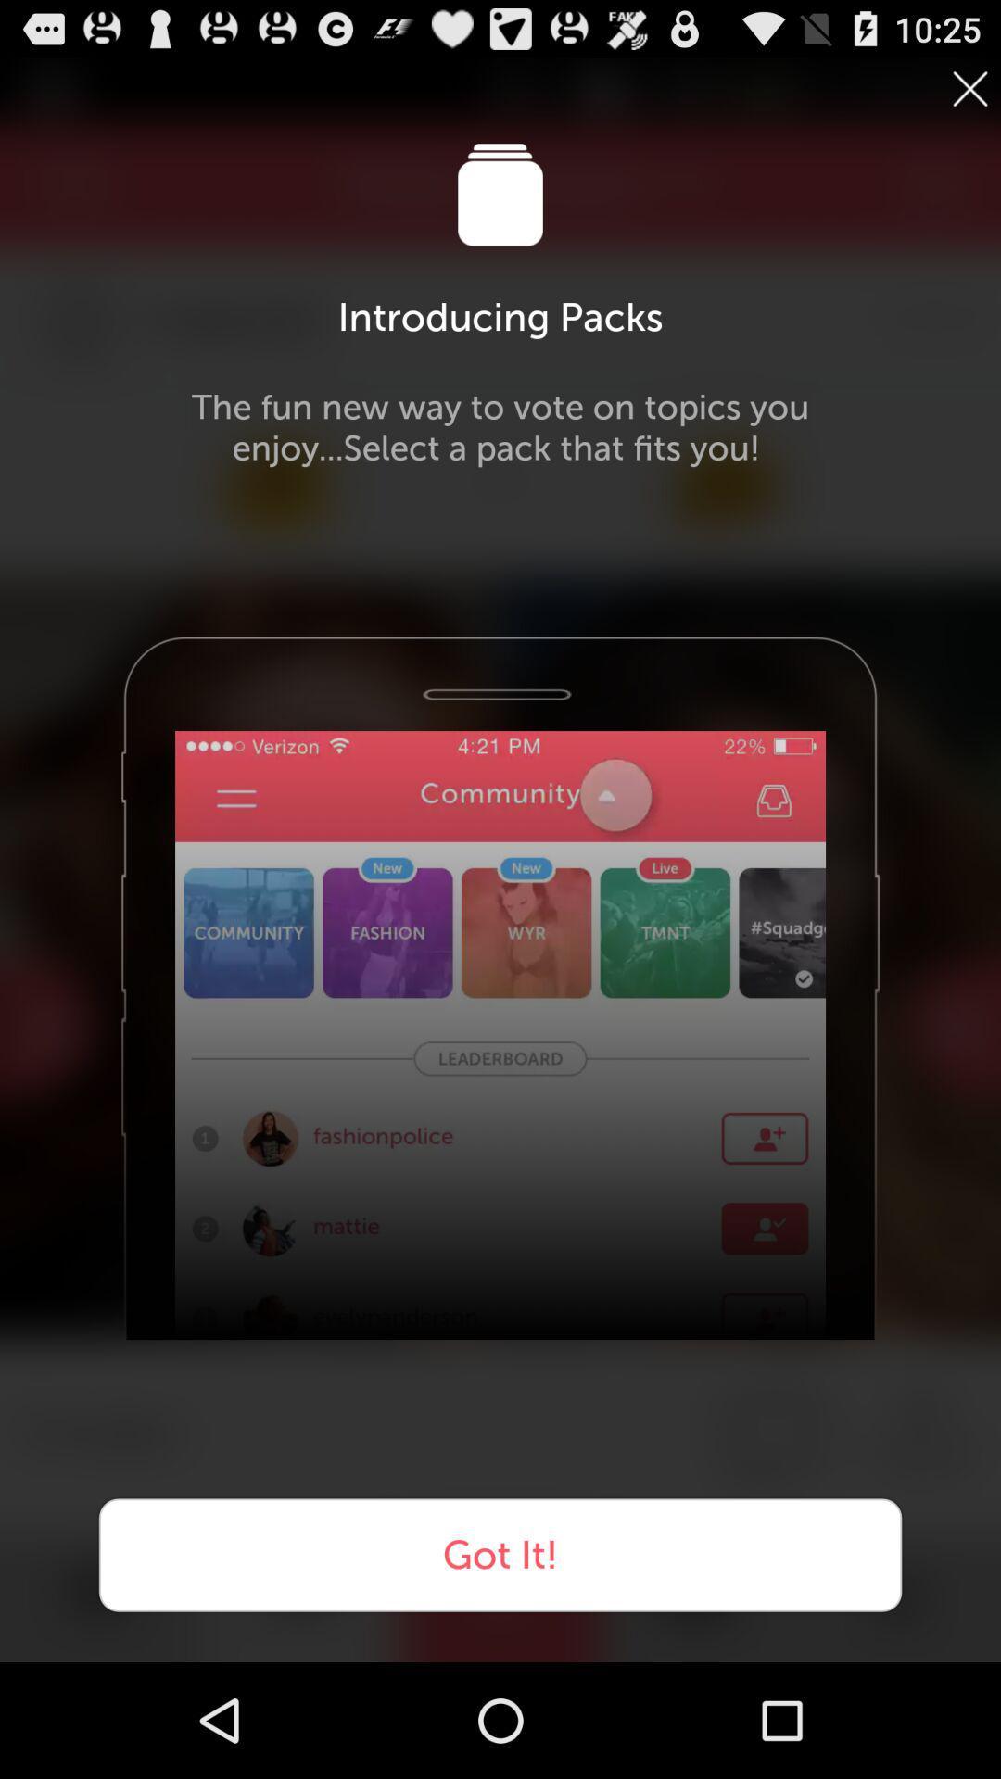 This screenshot has width=1001, height=1779. I want to click on the close icon, so click(969, 94).